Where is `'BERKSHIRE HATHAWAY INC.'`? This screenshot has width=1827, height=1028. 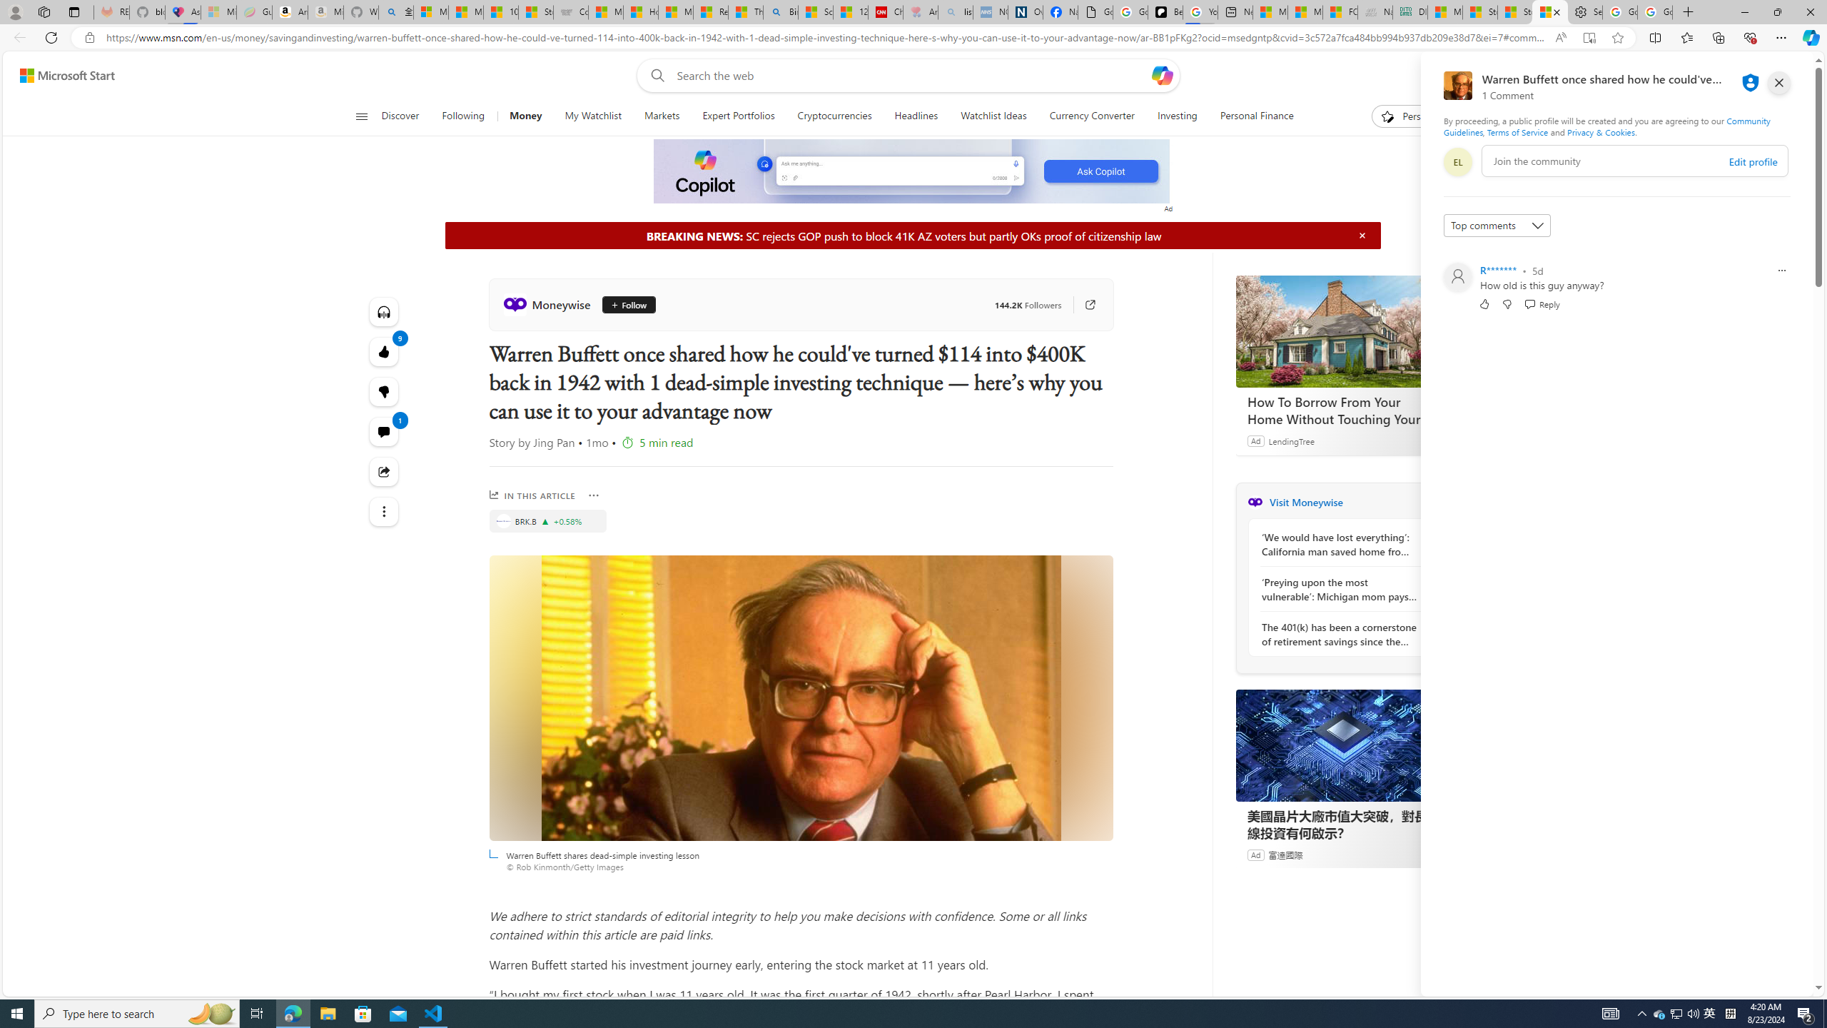
'BERKSHIRE HATHAWAY INC.' is located at coordinates (503, 520).